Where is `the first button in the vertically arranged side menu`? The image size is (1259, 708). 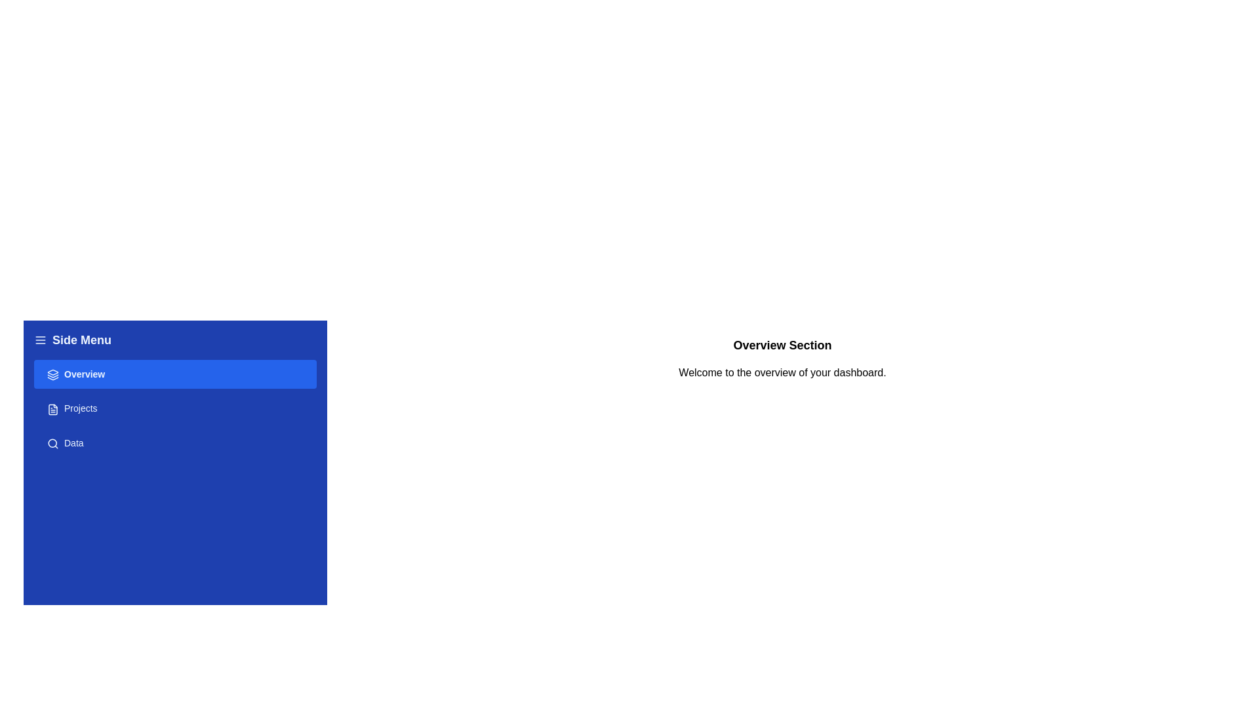
the first button in the vertically arranged side menu is located at coordinates (174, 374).